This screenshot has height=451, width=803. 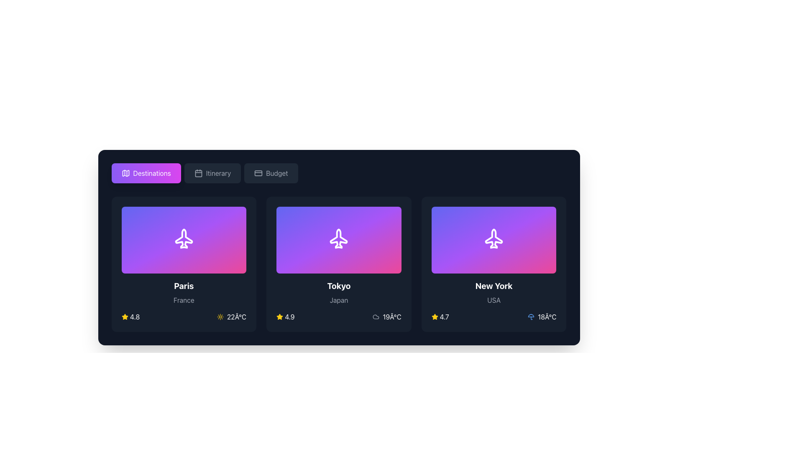 What do you see at coordinates (339, 286) in the screenshot?
I see `text content of the bold, large, white font label displaying 'Tokyo', which is centered below an airplane icon and above the text 'Japan', located in the second card of a group of three cards` at bounding box center [339, 286].